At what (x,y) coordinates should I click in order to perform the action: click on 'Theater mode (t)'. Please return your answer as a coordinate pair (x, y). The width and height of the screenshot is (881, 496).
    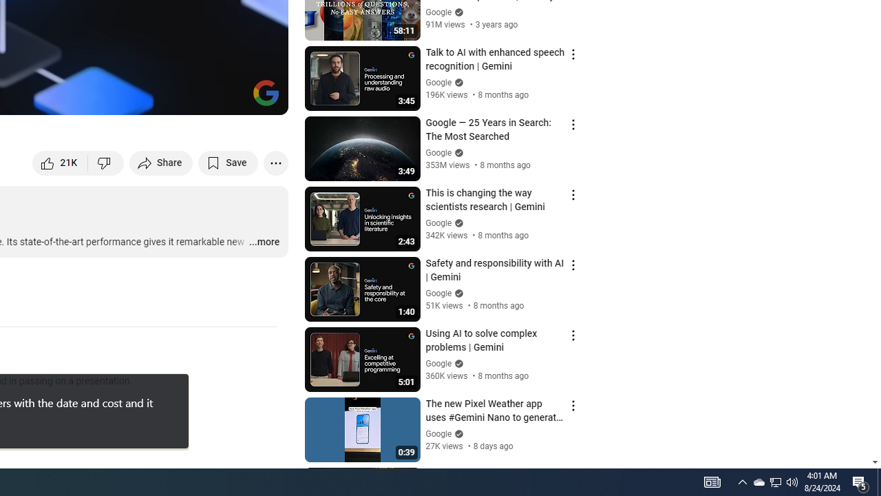
    Looking at the image, I should click on (230, 97).